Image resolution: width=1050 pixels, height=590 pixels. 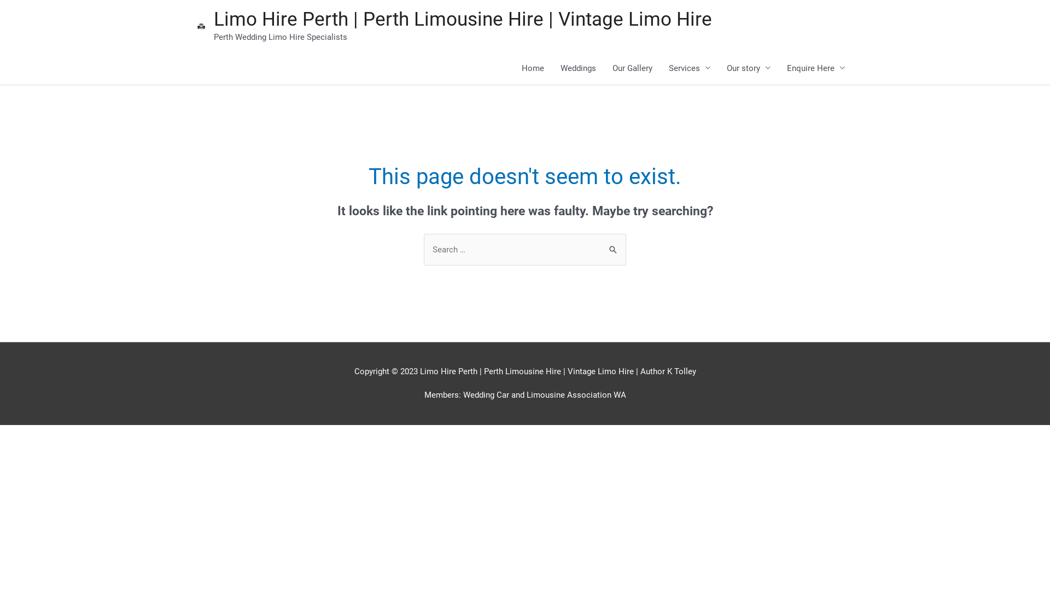 I want to click on 'Limo Hire Perth | Perth Limousine Hire | Vintage Limo Hire', so click(x=463, y=19).